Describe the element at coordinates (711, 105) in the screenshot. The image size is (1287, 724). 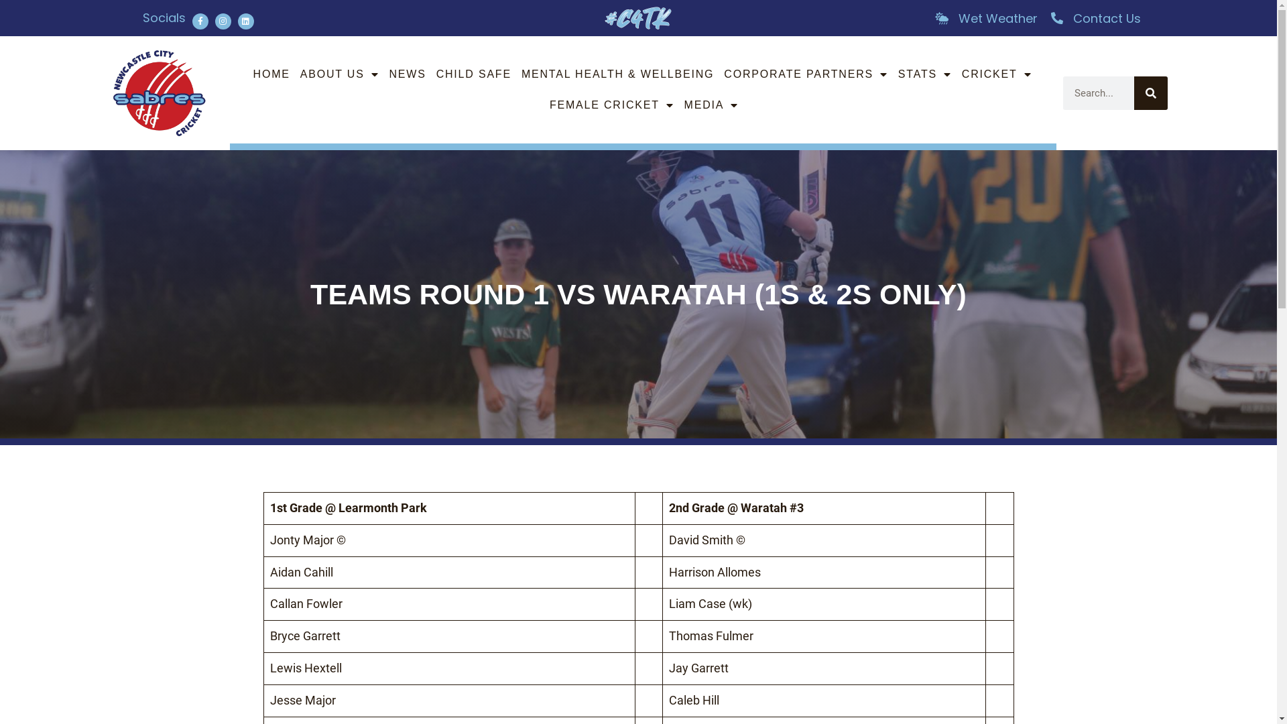
I see `'MEDIA'` at that location.